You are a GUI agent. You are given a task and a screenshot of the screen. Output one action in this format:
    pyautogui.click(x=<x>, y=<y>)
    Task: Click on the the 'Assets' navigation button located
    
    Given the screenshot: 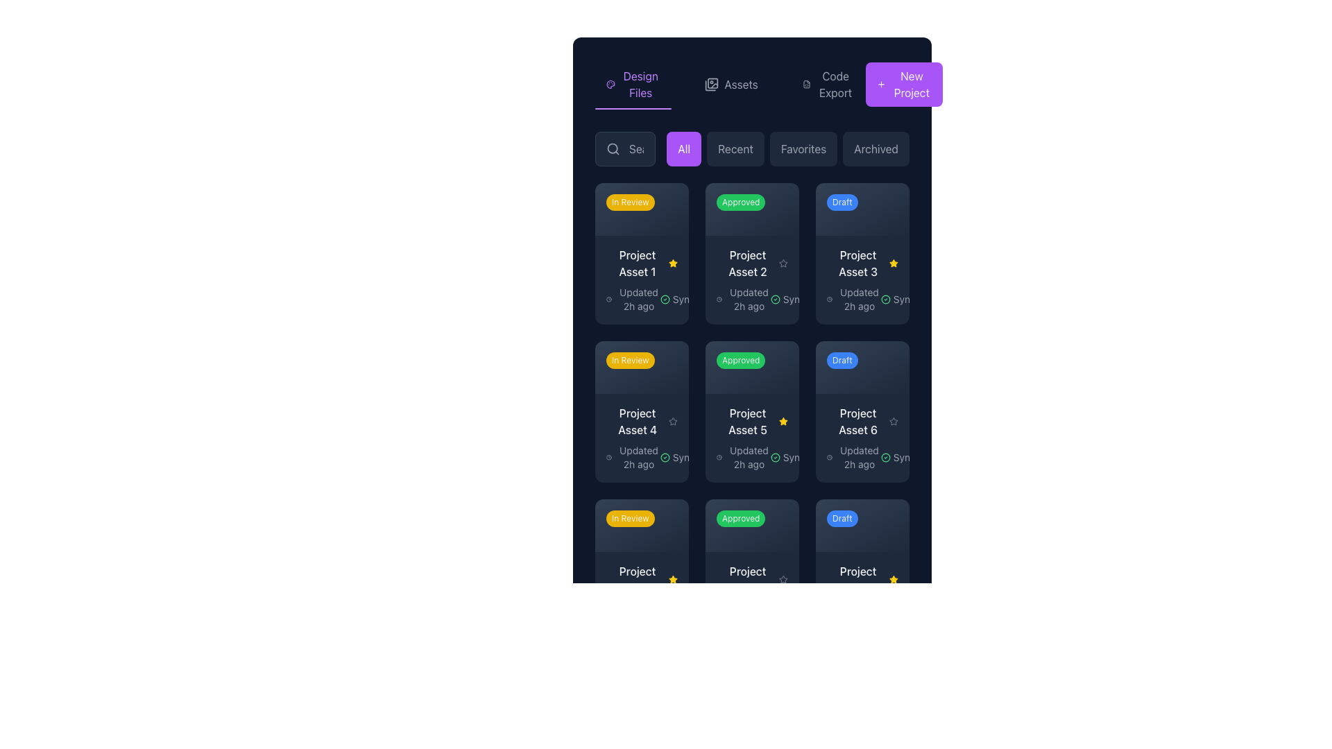 What is the action you would take?
    pyautogui.click(x=751, y=85)
    